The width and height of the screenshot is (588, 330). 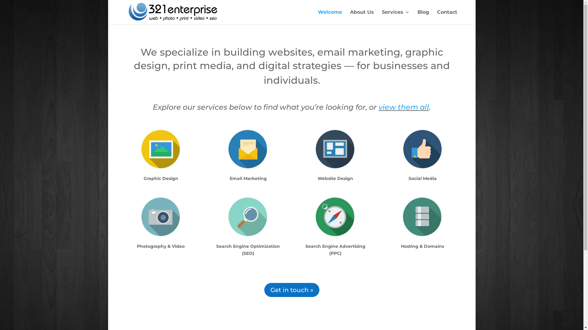 What do you see at coordinates (248, 149) in the screenshot?
I see `'email-tout'` at bounding box center [248, 149].